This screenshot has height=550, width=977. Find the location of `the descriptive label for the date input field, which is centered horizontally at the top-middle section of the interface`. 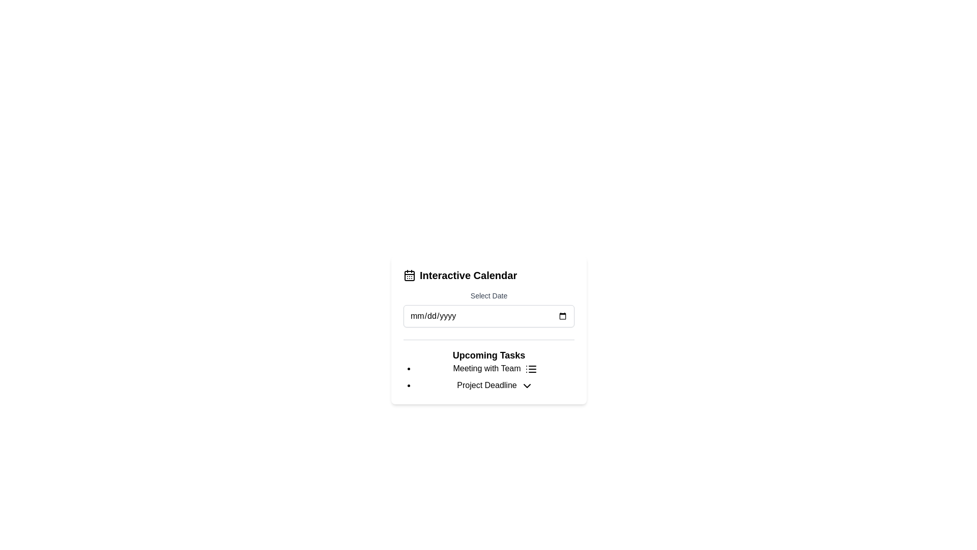

the descriptive label for the date input field, which is centered horizontally at the top-middle section of the interface is located at coordinates (489, 296).